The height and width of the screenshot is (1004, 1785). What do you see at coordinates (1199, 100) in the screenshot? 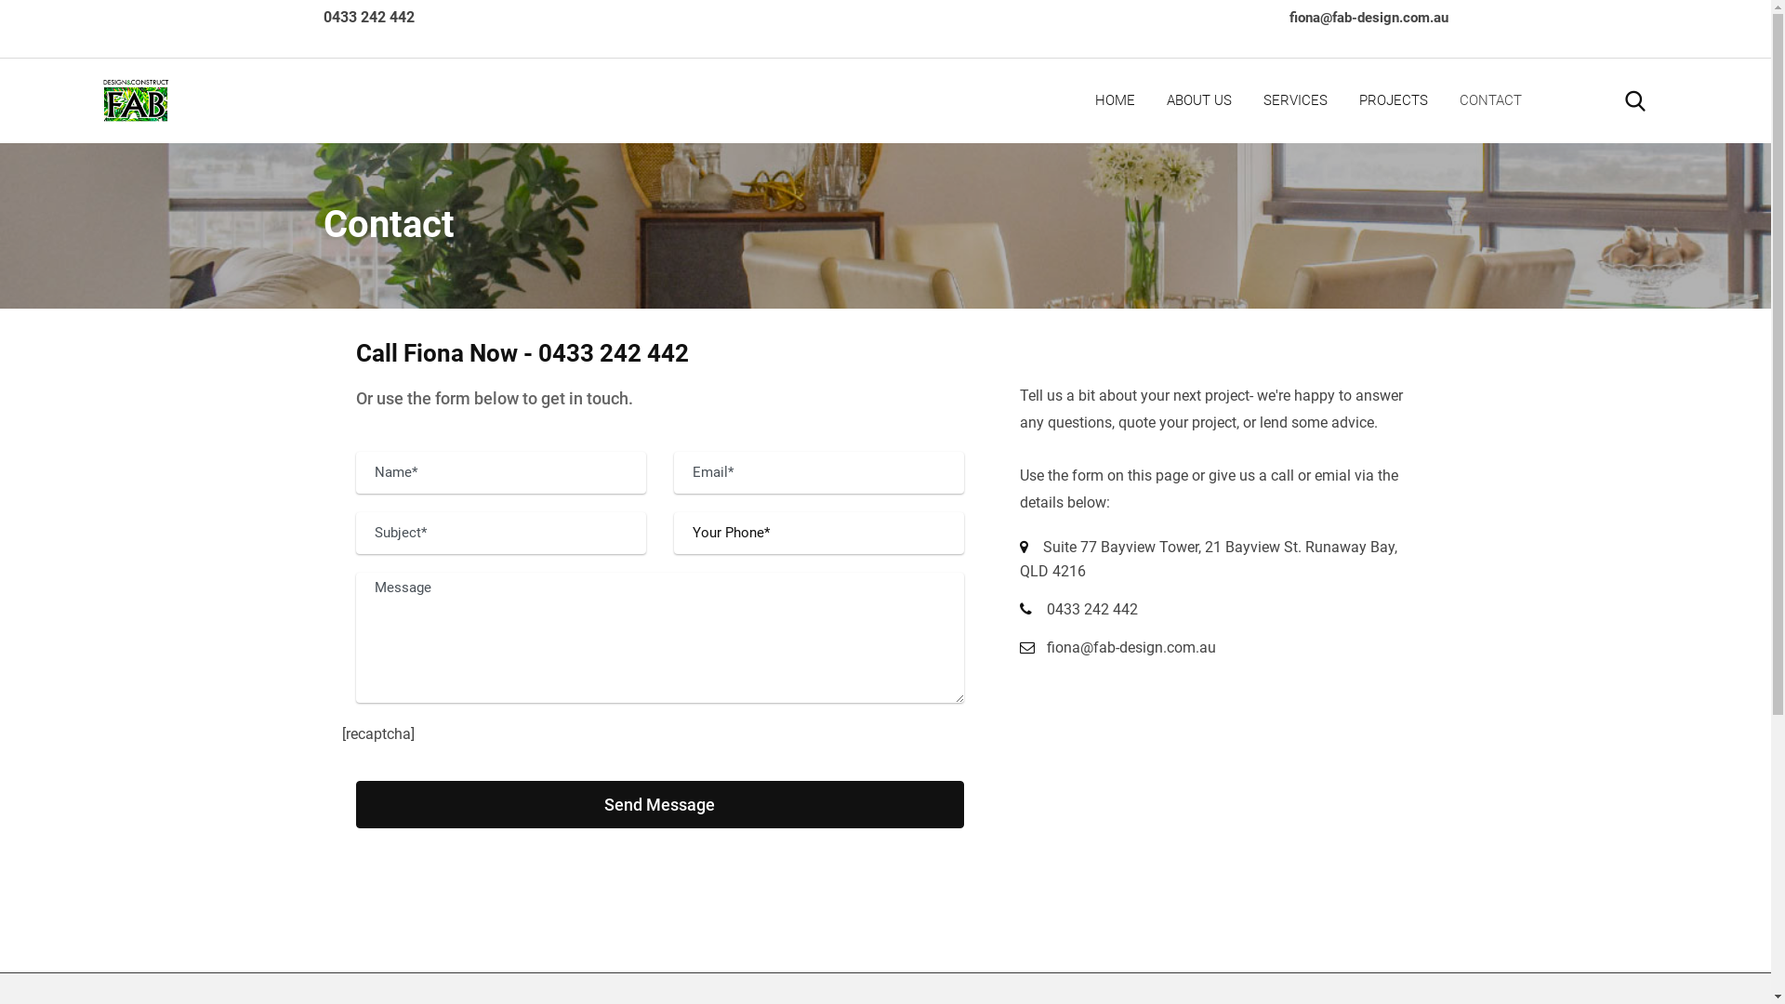
I see `'ABOUT US'` at bounding box center [1199, 100].